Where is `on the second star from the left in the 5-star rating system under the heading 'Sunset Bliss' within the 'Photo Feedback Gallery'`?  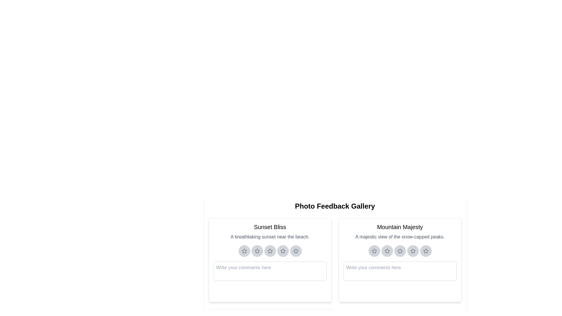
on the second star from the left in the 5-star rating system under the heading 'Sunset Bliss' within the 'Photo Feedback Gallery' is located at coordinates (257, 250).